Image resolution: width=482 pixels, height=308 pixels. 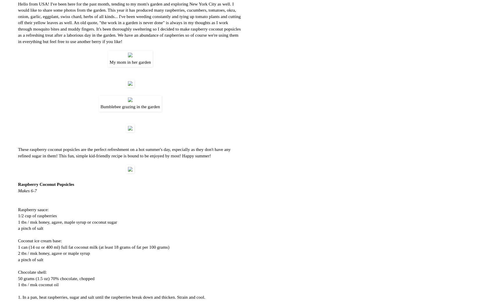 I want to click on 'Raspberry sauce:', so click(x=33, y=209).